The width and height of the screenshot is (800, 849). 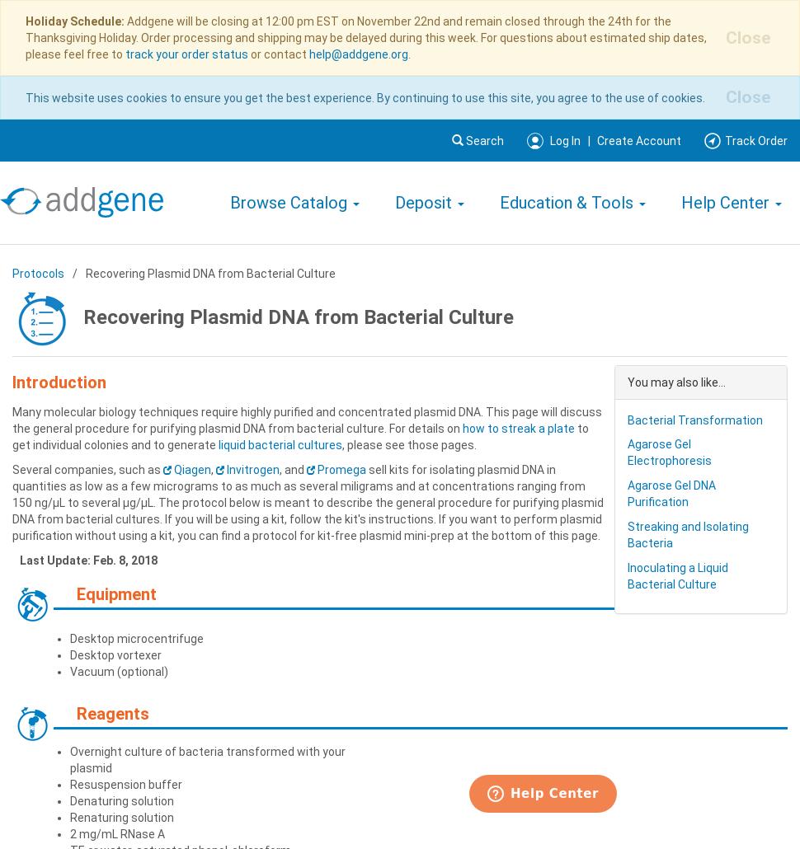 I want to click on 'Create Account', so click(x=638, y=139).